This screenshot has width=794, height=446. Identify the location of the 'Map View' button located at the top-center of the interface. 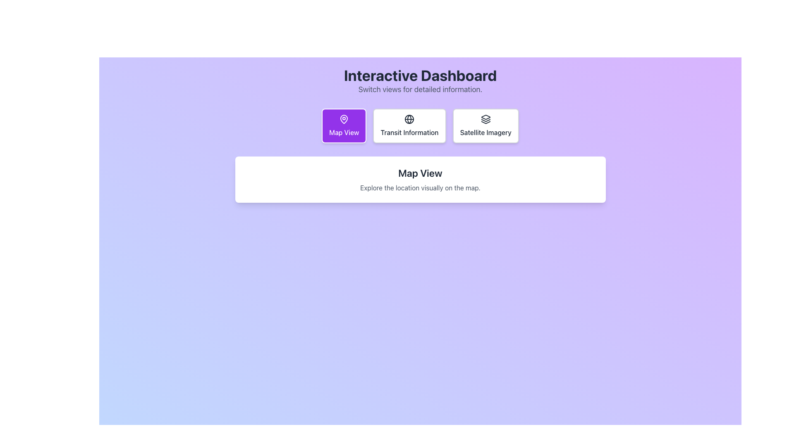
(344, 126).